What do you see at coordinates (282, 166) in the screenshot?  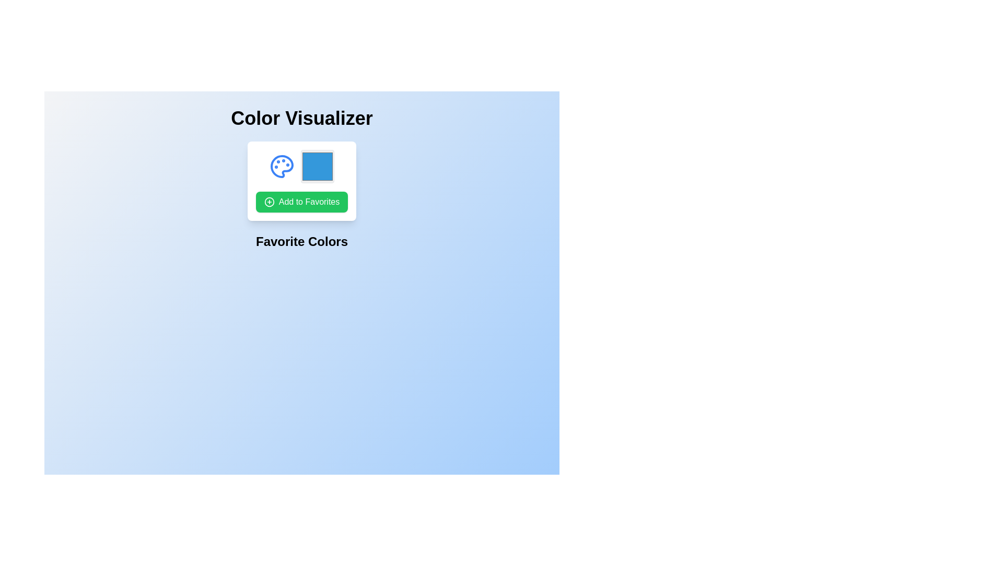 I see `the blue outlined palette icon with paint blobs to interact with its associated functionality` at bounding box center [282, 166].